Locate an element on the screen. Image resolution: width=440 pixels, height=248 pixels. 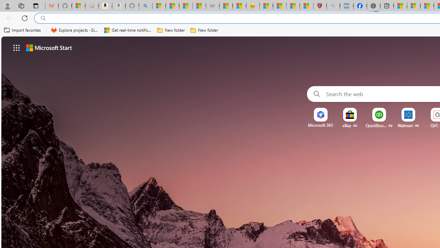
'App launcher' is located at coordinates (16, 47).